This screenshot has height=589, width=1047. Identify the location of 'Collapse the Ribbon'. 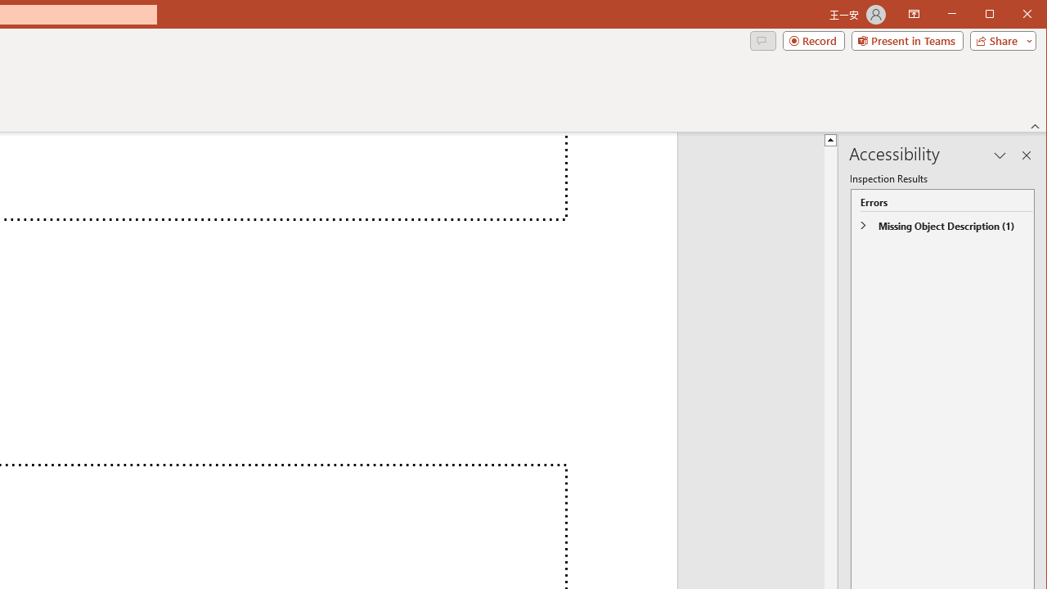
(1035, 125).